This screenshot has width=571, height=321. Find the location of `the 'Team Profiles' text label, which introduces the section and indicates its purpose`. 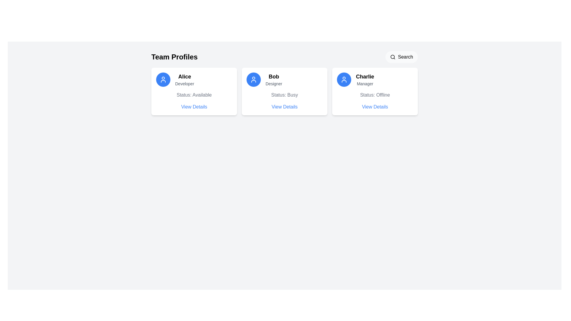

the 'Team Profiles' text label, which introduces the section and indicates its purpose is located at coordinates (174, 57).